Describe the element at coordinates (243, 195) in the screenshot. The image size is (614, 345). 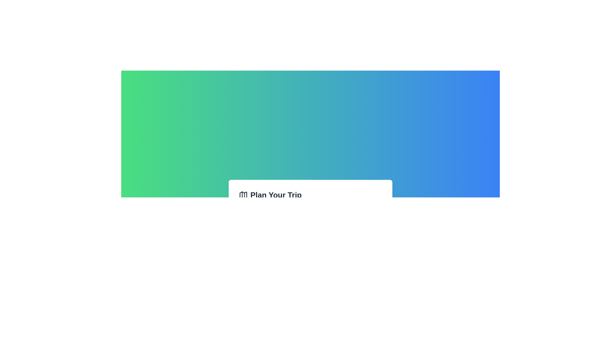
I see `the decorative icon in the 'Plan Your Trip' header section, which is positioned directly to the left of the text` at that location.